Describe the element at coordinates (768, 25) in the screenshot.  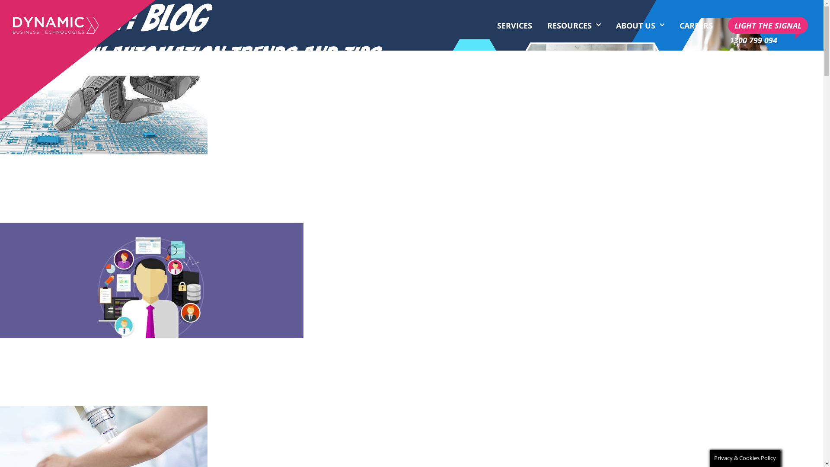
I see `'LIGHT THE SIGNAL'` at that location.